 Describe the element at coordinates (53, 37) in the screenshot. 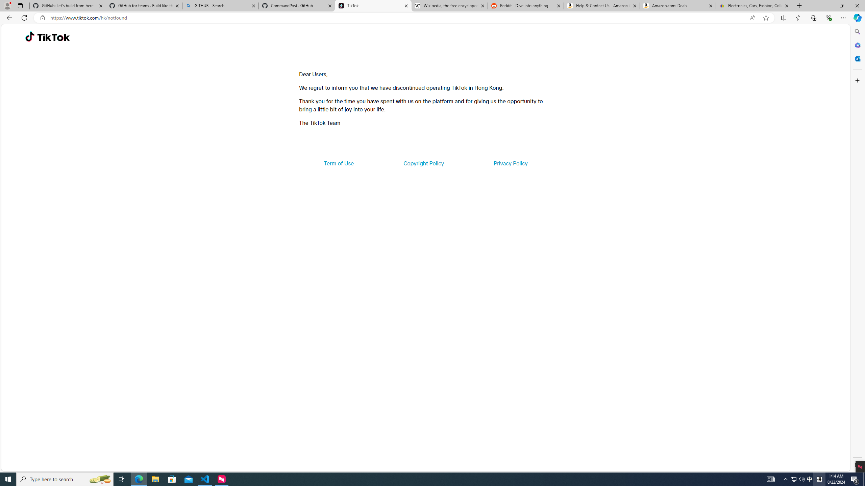

I see `'TikTok'` at that location.